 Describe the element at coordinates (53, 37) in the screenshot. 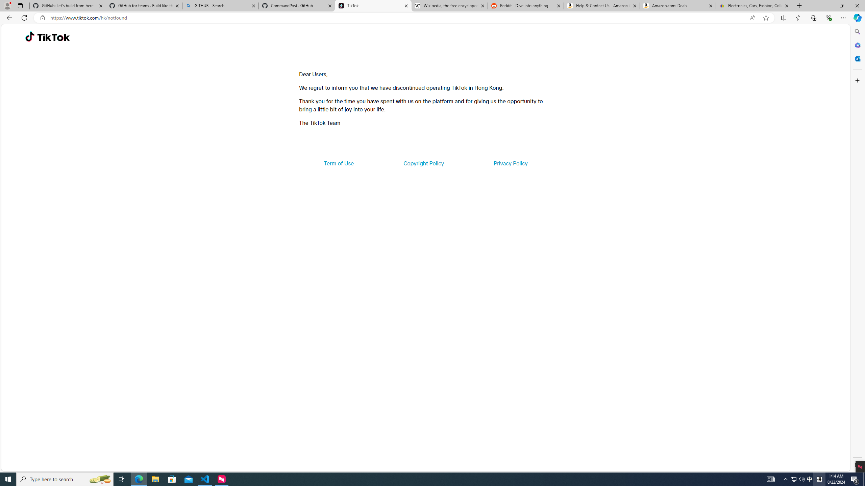

I see `'TikTok'` at that location.